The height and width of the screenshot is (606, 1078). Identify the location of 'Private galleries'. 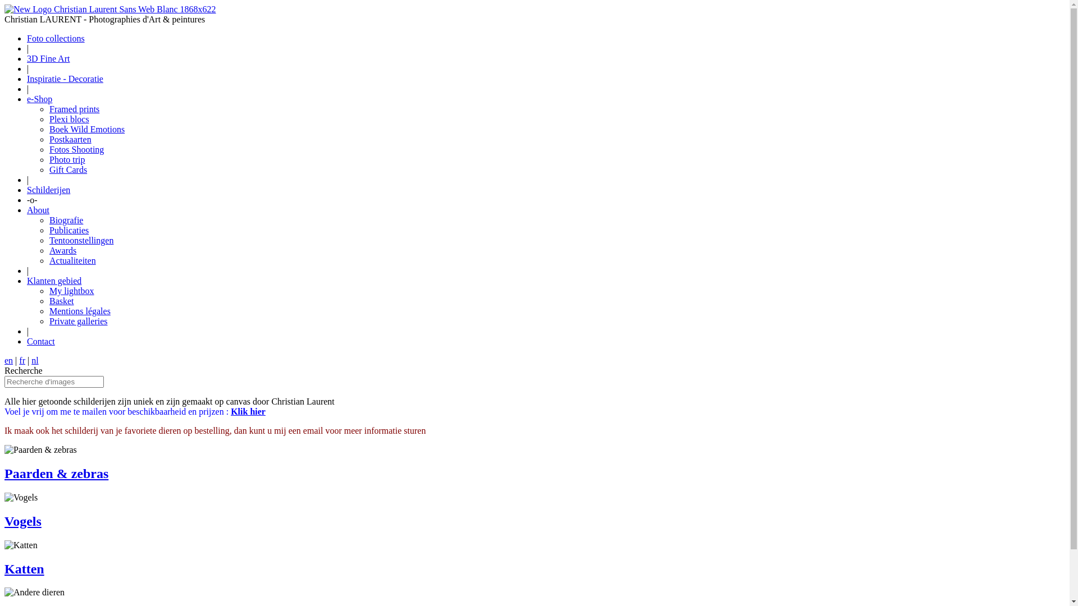
(77, 321).